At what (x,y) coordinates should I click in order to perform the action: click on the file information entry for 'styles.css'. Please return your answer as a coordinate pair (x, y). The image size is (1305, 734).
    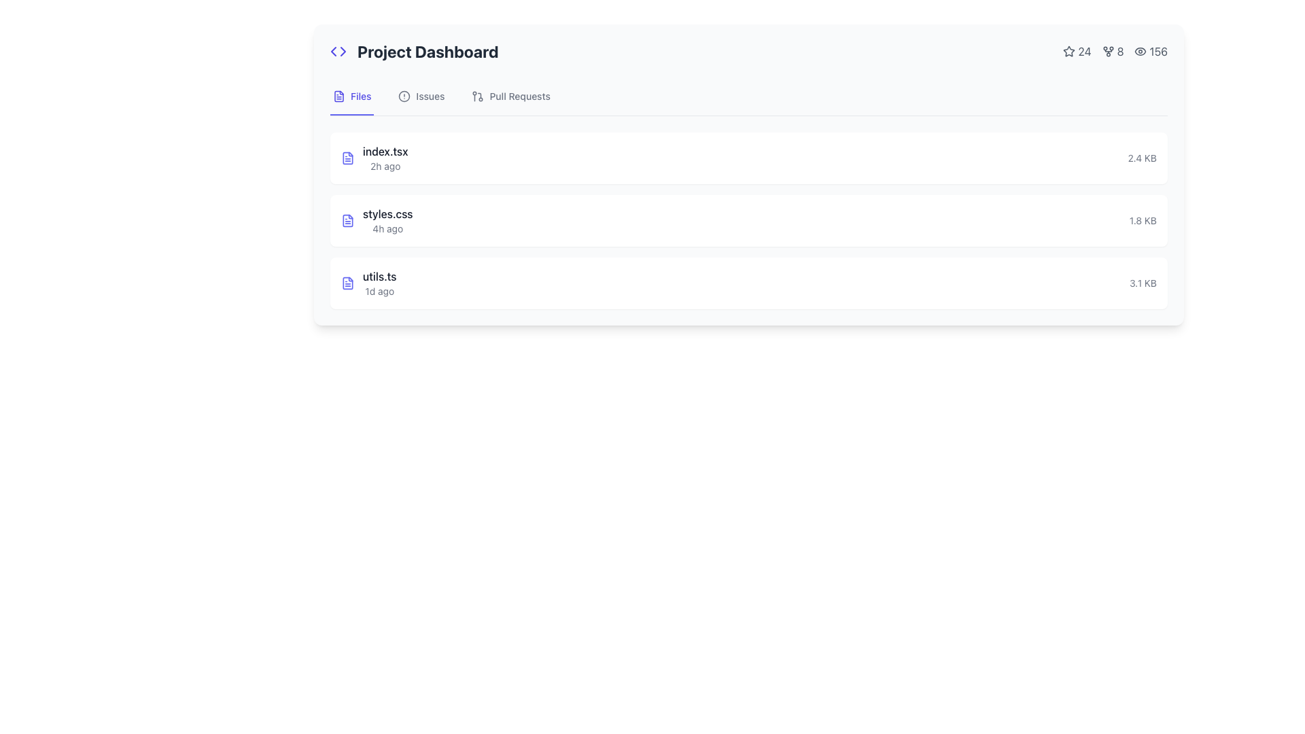
    Looking at the image, I should click on (387, 220).